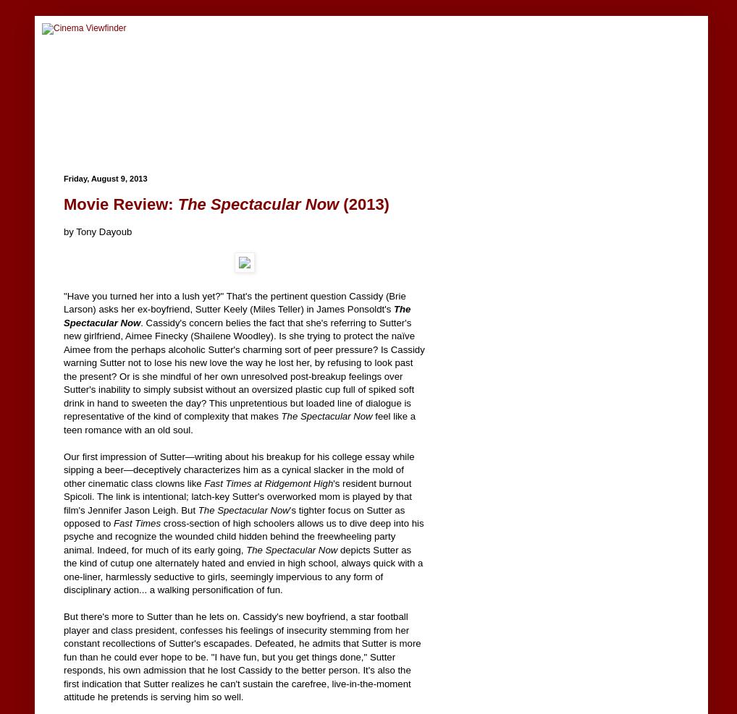 The width and height of the screenshot is (737, 714). I want to click on '(2013)', so click(363, 203).